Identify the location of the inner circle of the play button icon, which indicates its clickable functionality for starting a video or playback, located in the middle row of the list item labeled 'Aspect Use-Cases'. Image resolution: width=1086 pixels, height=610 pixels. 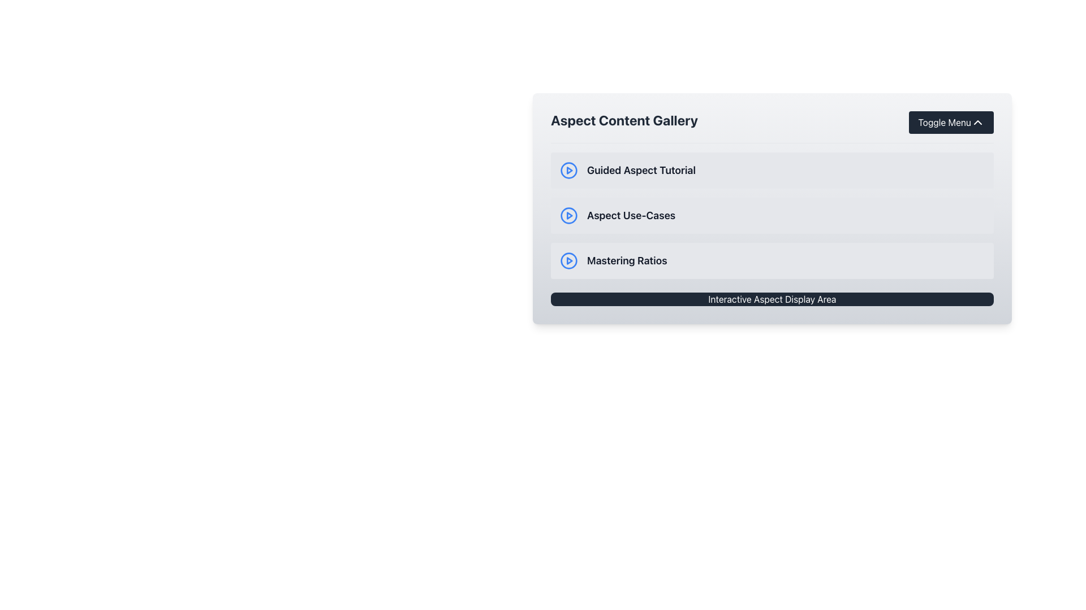
(569, 215).